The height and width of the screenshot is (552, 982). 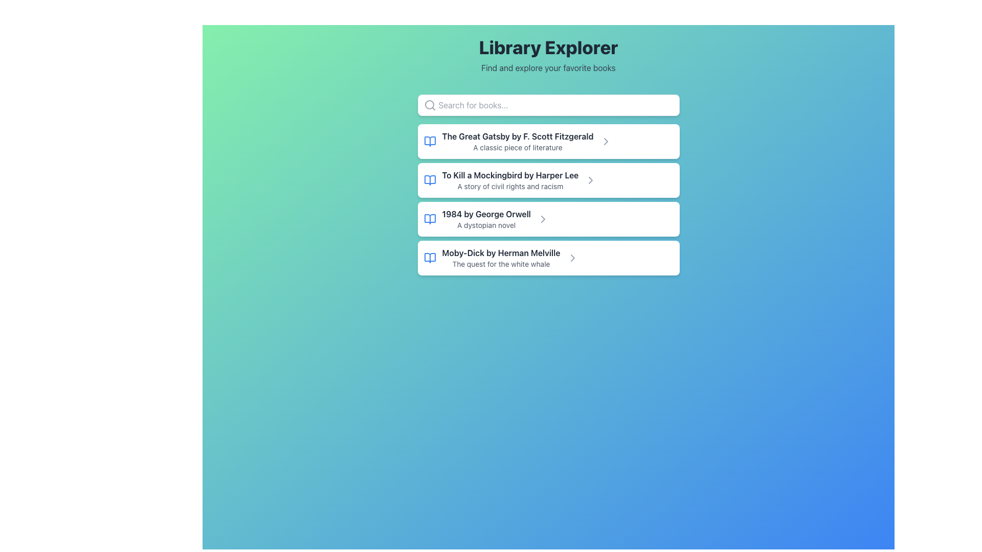 What do you see at coordinates (548, 142) in the screenshot?
I see `the first list item displaying the book 'The Great Gatsby by F. Scott Fitzgerald', which includes a blue book icon on the left and a gray chevron icon on the right` at bounding box center [548, 142].